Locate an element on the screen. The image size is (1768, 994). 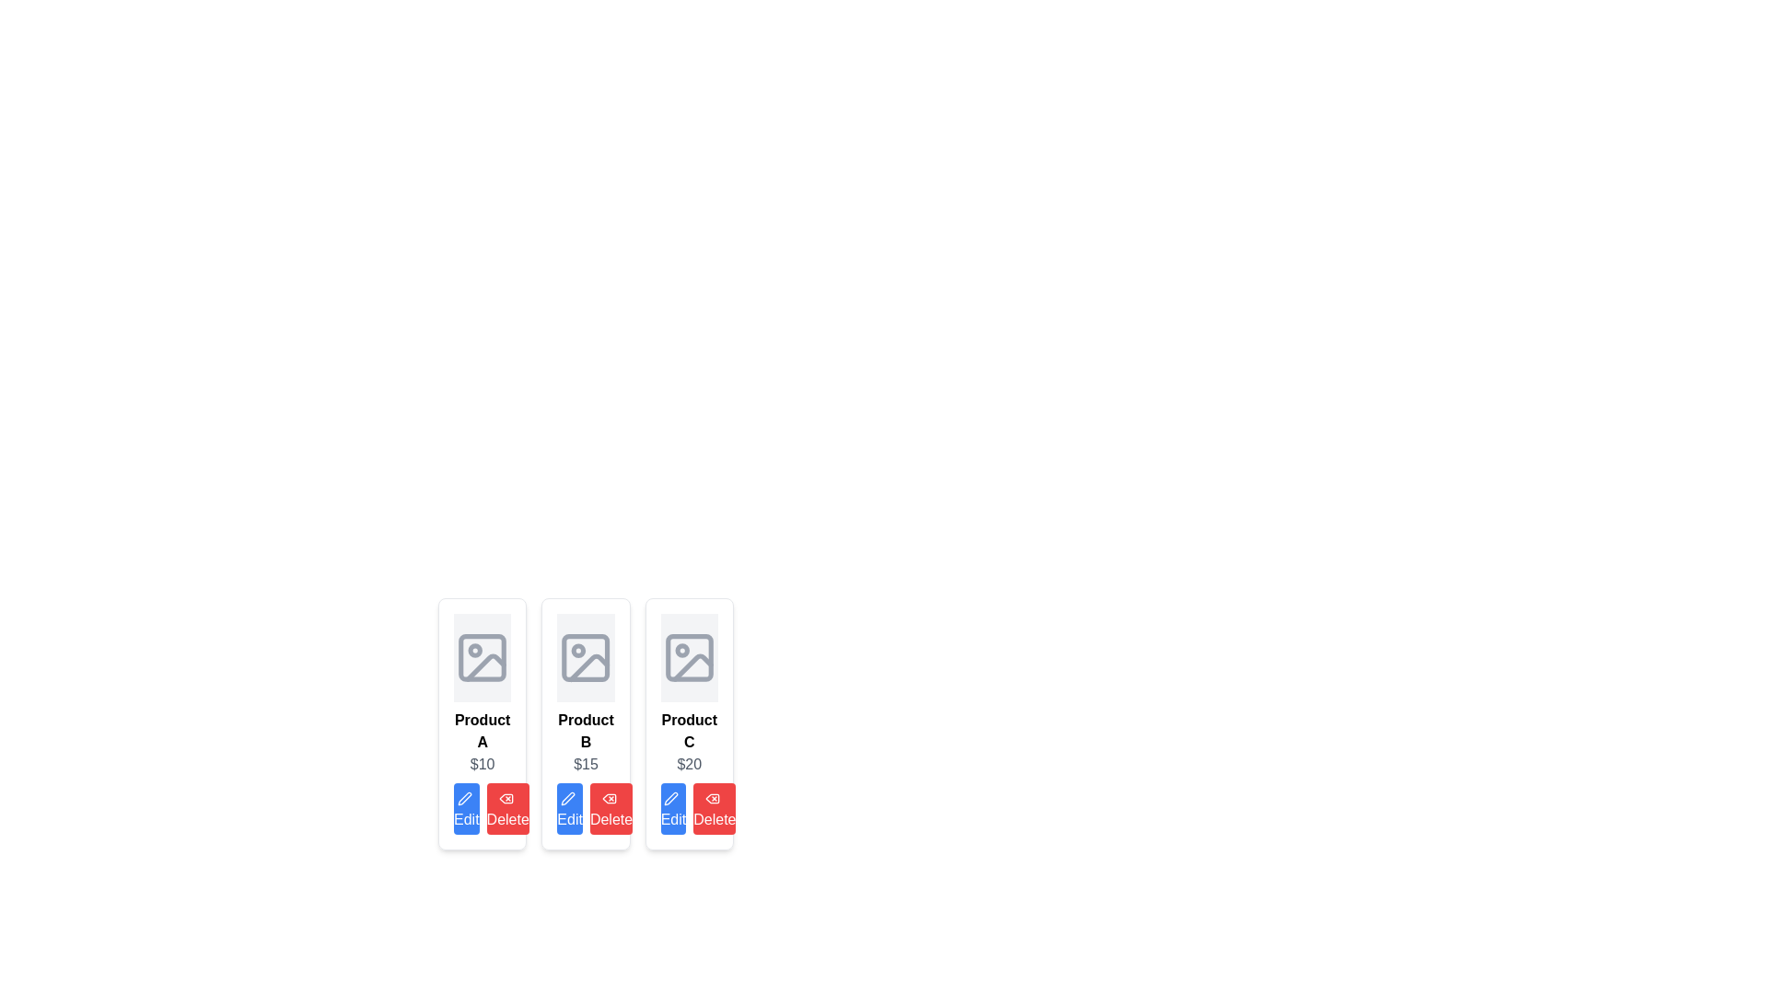
the price label displaying '$20' located within the card for 'Product C', situated below the product name and above the action buttons is located at coordinates (688, 764).